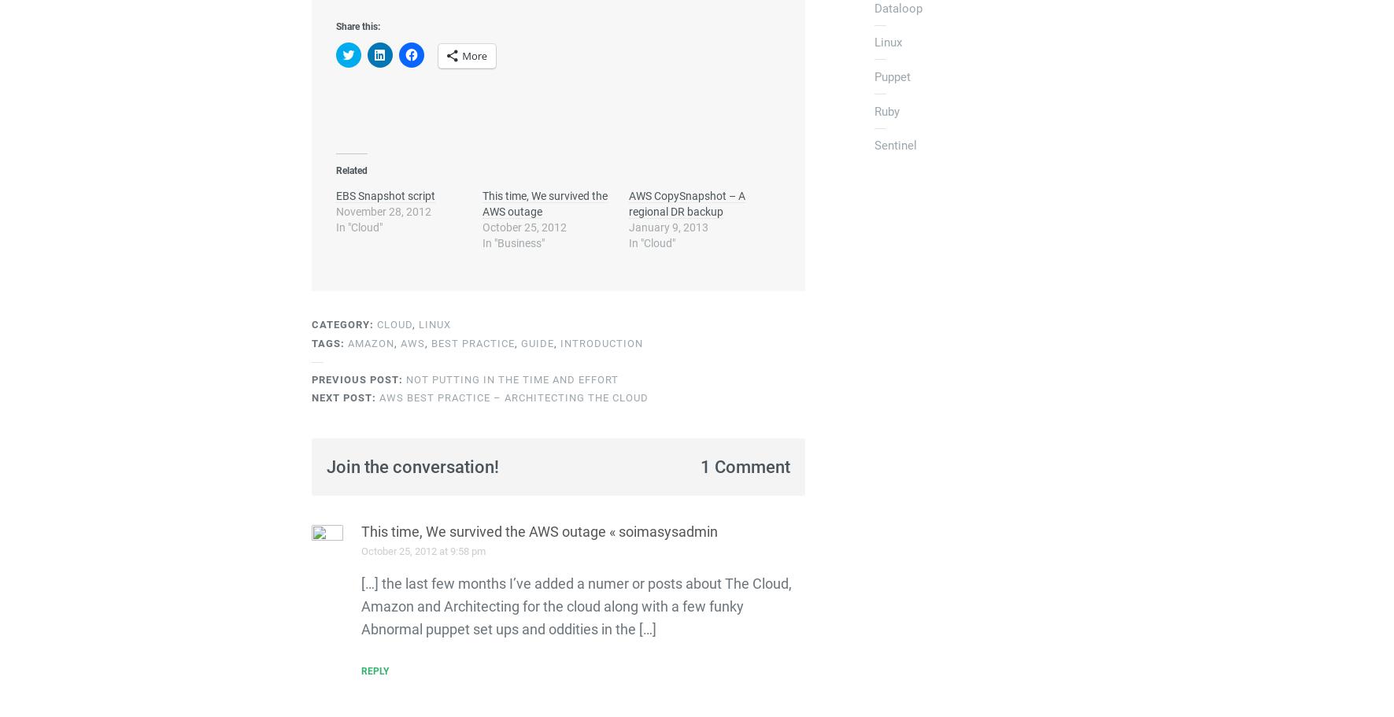 The width and height of the screenshot is (1394, 717). What do you see at coordinates (471, 342) in the screenshot?
I see `'best practice'` at bounding box center [471, 342].